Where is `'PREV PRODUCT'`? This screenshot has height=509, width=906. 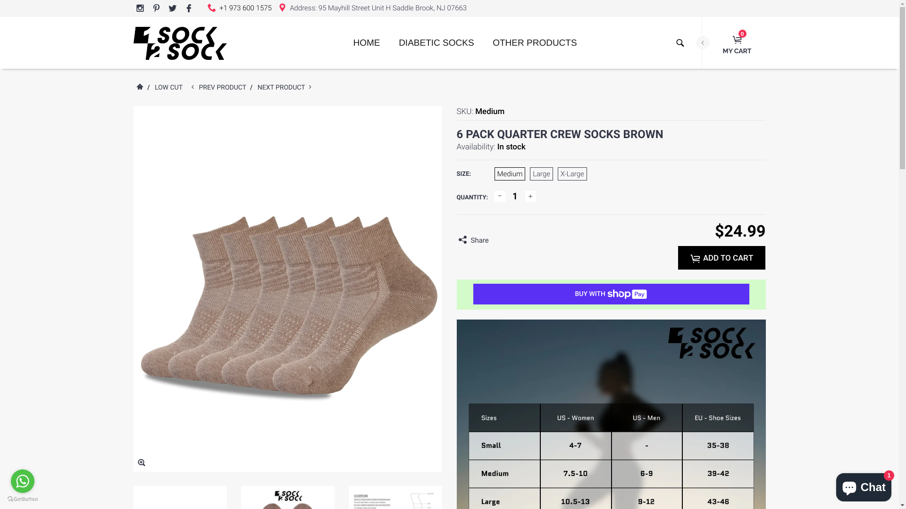 'PREV PRODUCT' is located at coordinates (222, 87).